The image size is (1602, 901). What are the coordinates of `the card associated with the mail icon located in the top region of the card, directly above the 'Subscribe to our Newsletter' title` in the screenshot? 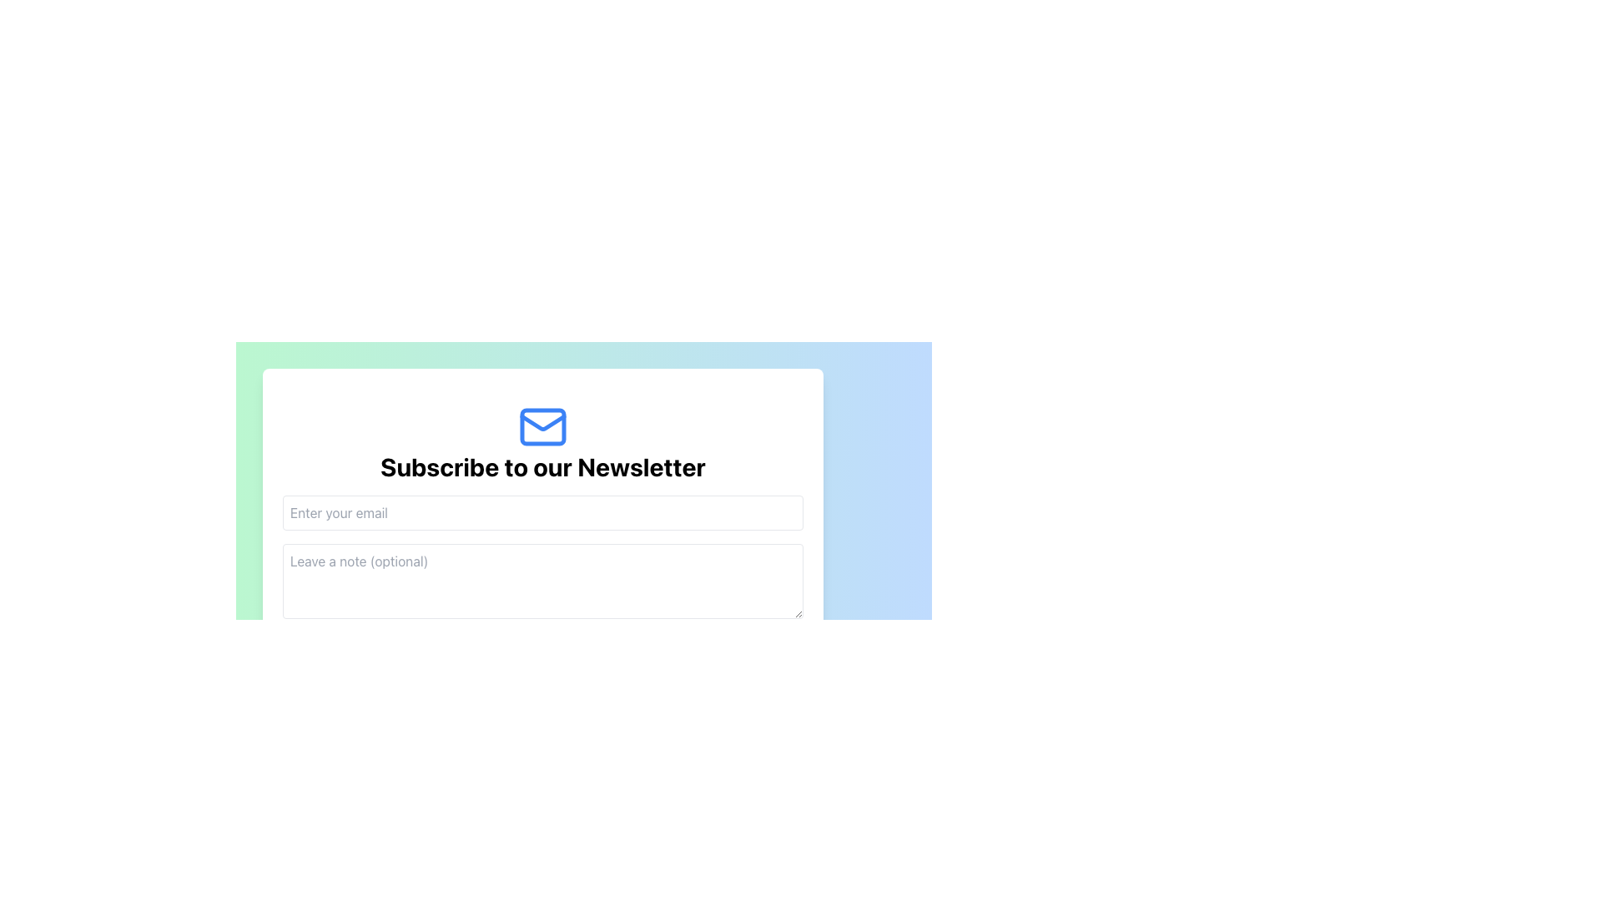 It's located at (543, 420).